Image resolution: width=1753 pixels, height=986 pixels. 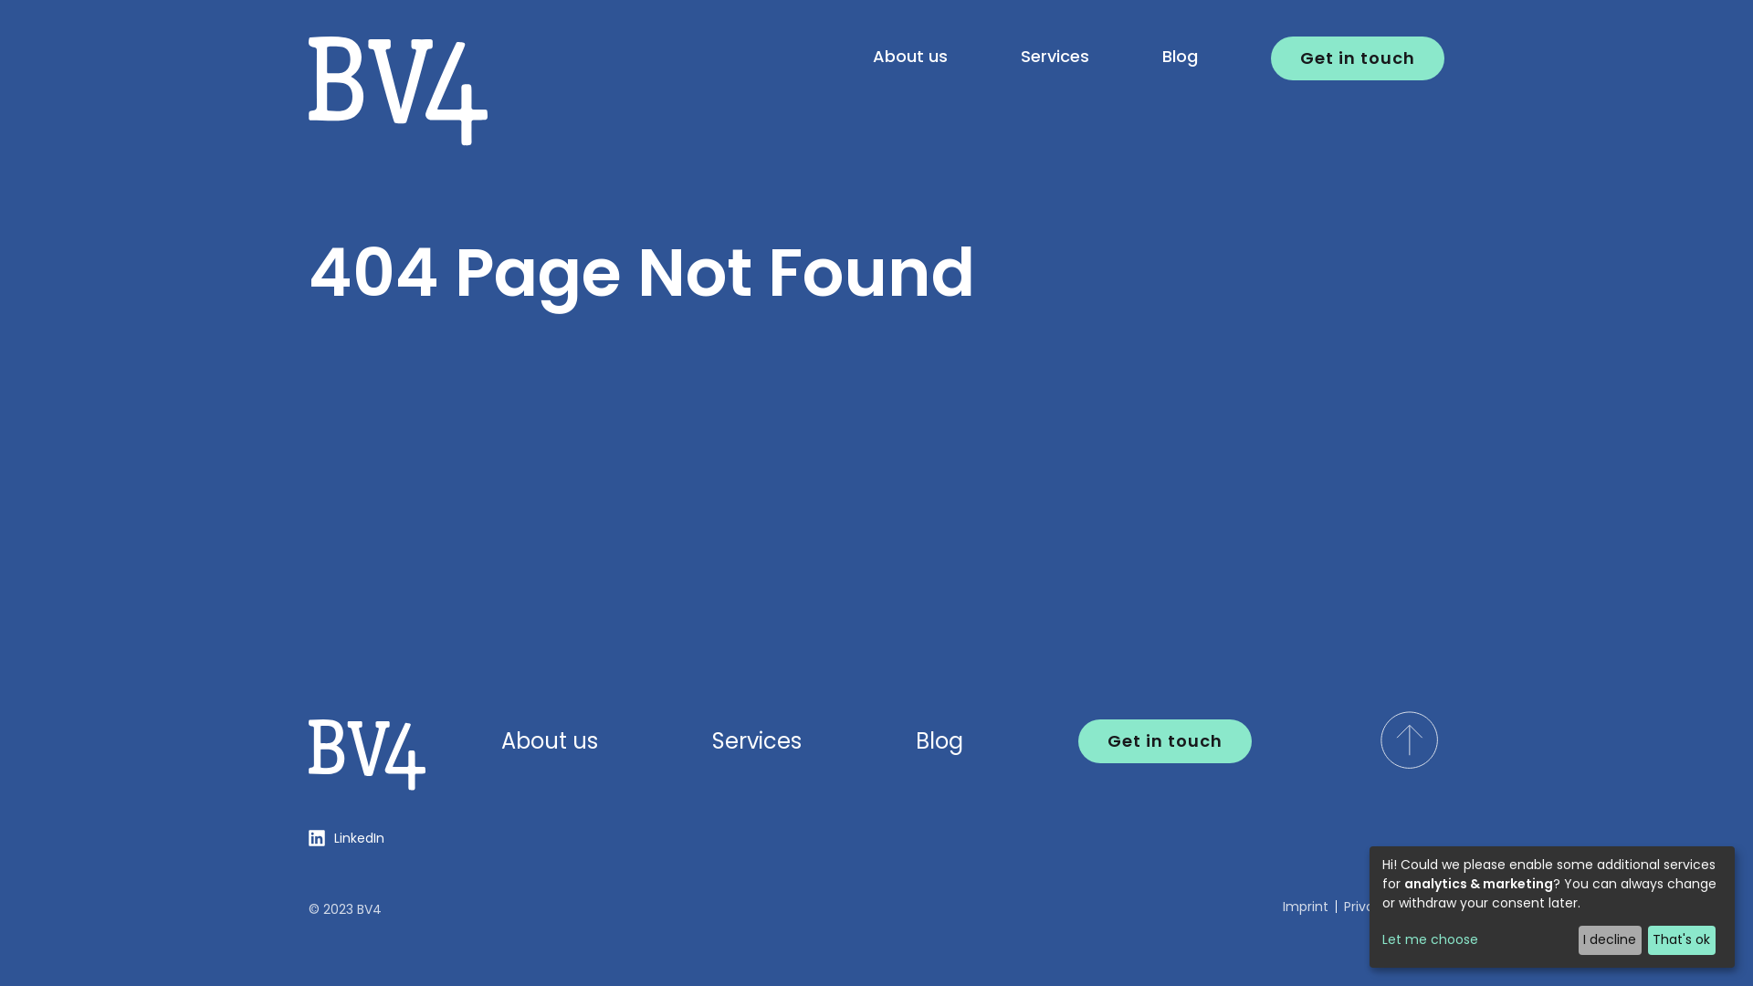 I want to click on 'Services', so click(x=757, y=740).